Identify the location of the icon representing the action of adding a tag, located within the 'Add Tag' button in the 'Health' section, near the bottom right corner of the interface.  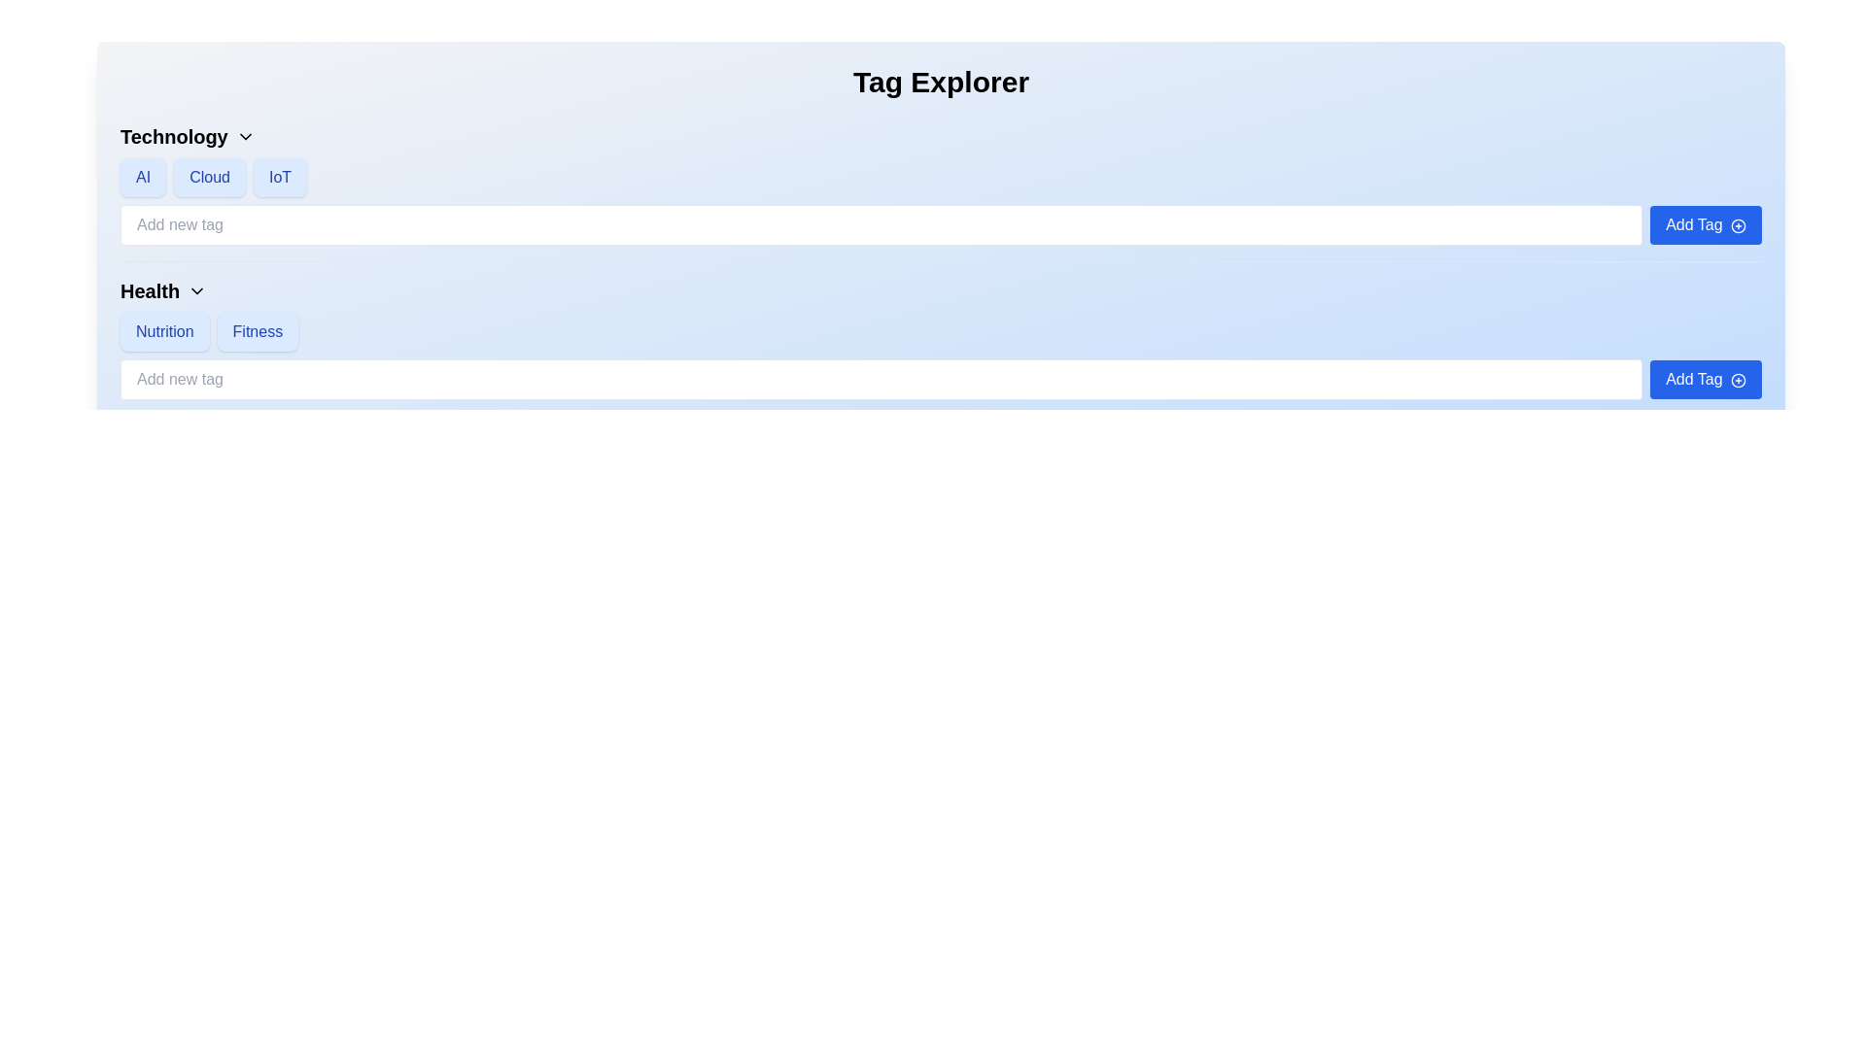
(1739, 379).